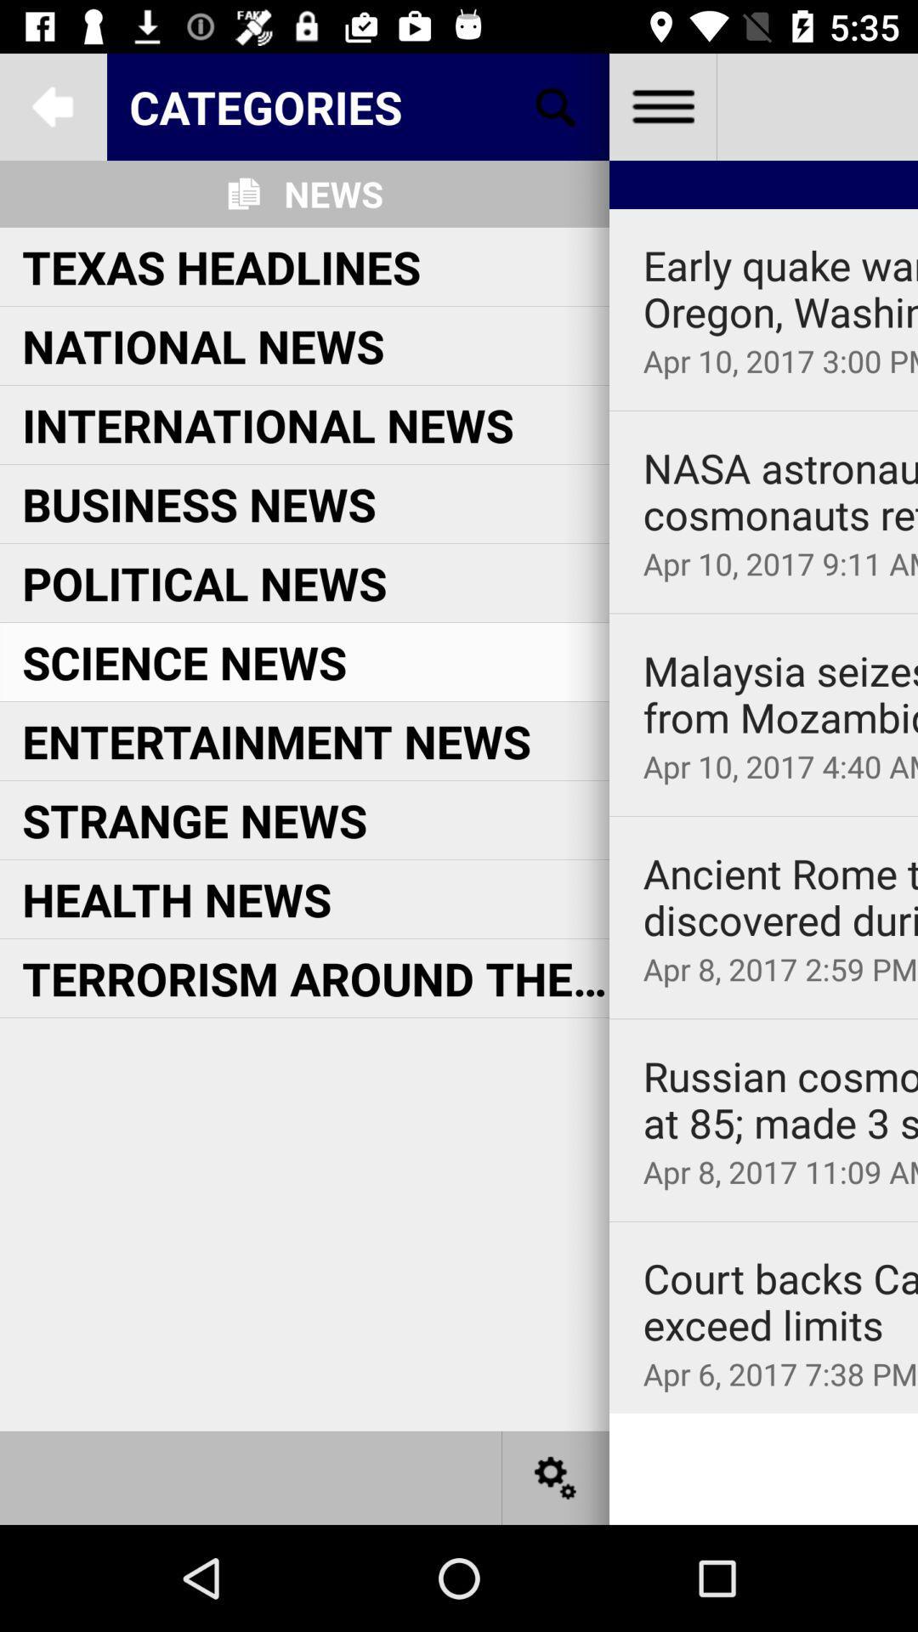  What do you see at coordinates (556, 105) in the screenshot?
I see `search categories` at bounding box center [556, 105].